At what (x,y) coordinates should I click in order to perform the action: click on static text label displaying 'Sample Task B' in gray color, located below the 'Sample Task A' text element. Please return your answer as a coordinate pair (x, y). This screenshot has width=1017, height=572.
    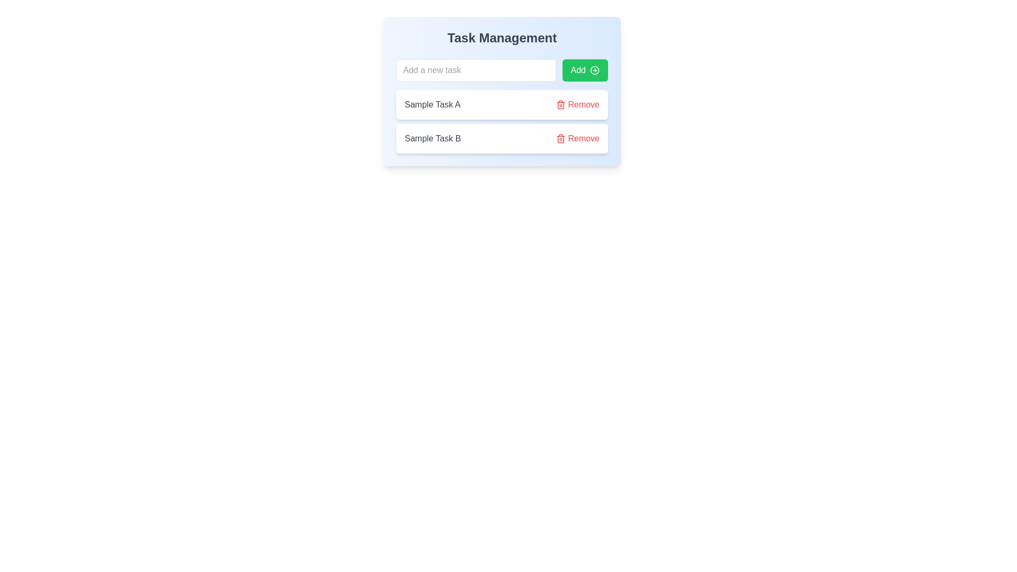
    Looking at the image, I should click on (433, 138).